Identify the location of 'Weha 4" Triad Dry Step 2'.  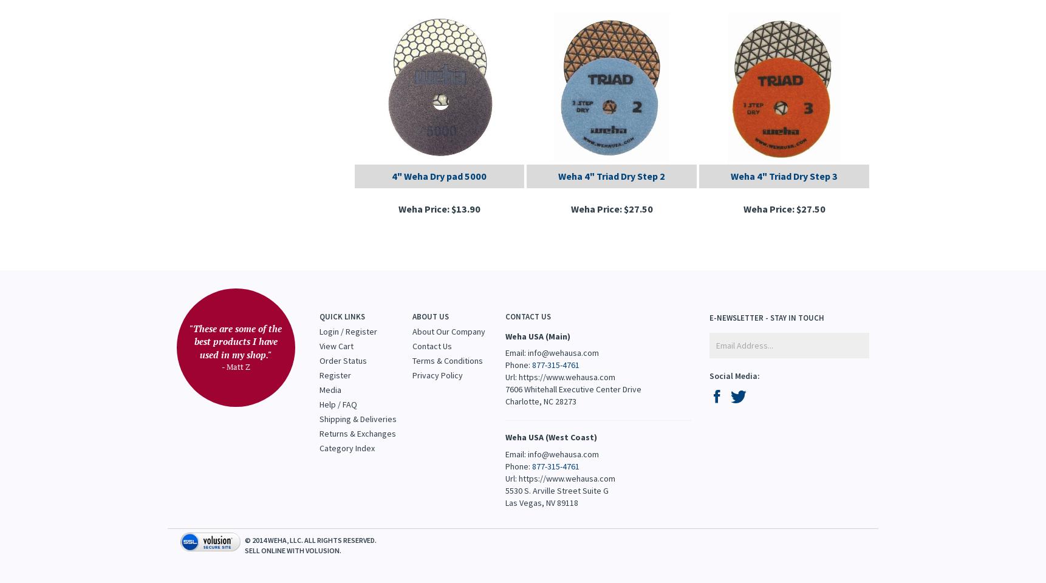
(612, 174).